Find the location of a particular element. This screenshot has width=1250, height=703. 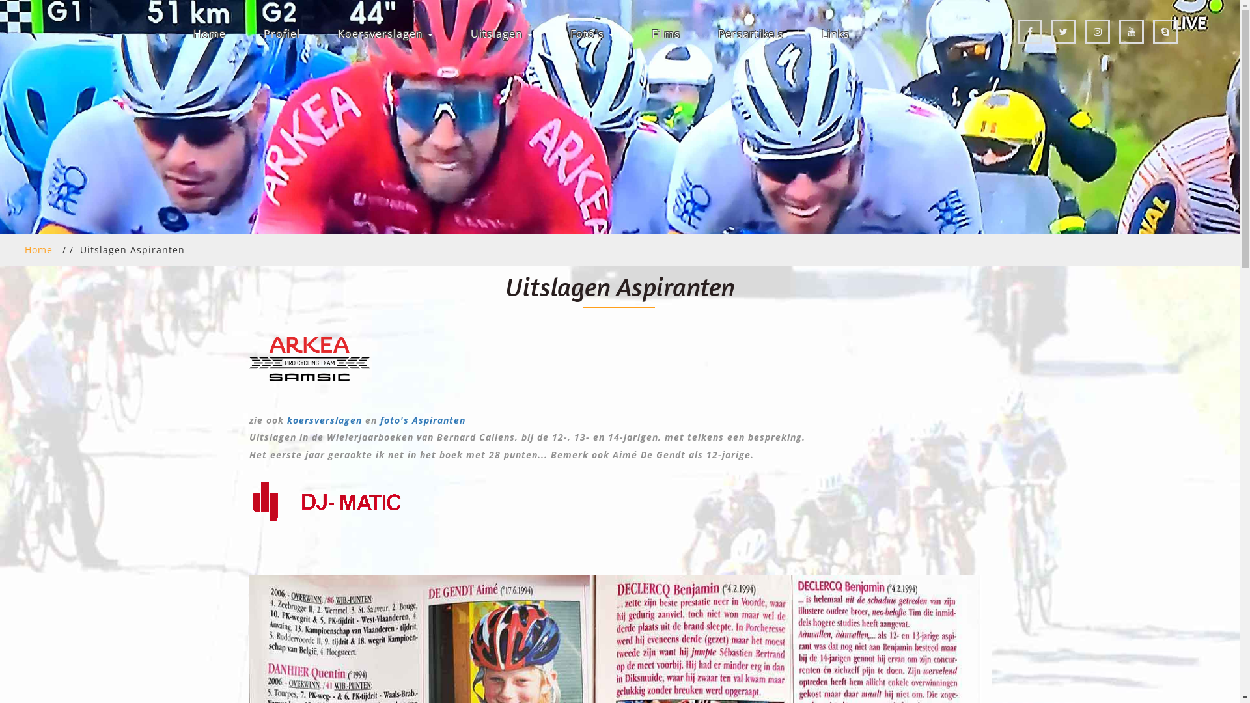

'Uitslagen' is located at coordinates (454, 33).